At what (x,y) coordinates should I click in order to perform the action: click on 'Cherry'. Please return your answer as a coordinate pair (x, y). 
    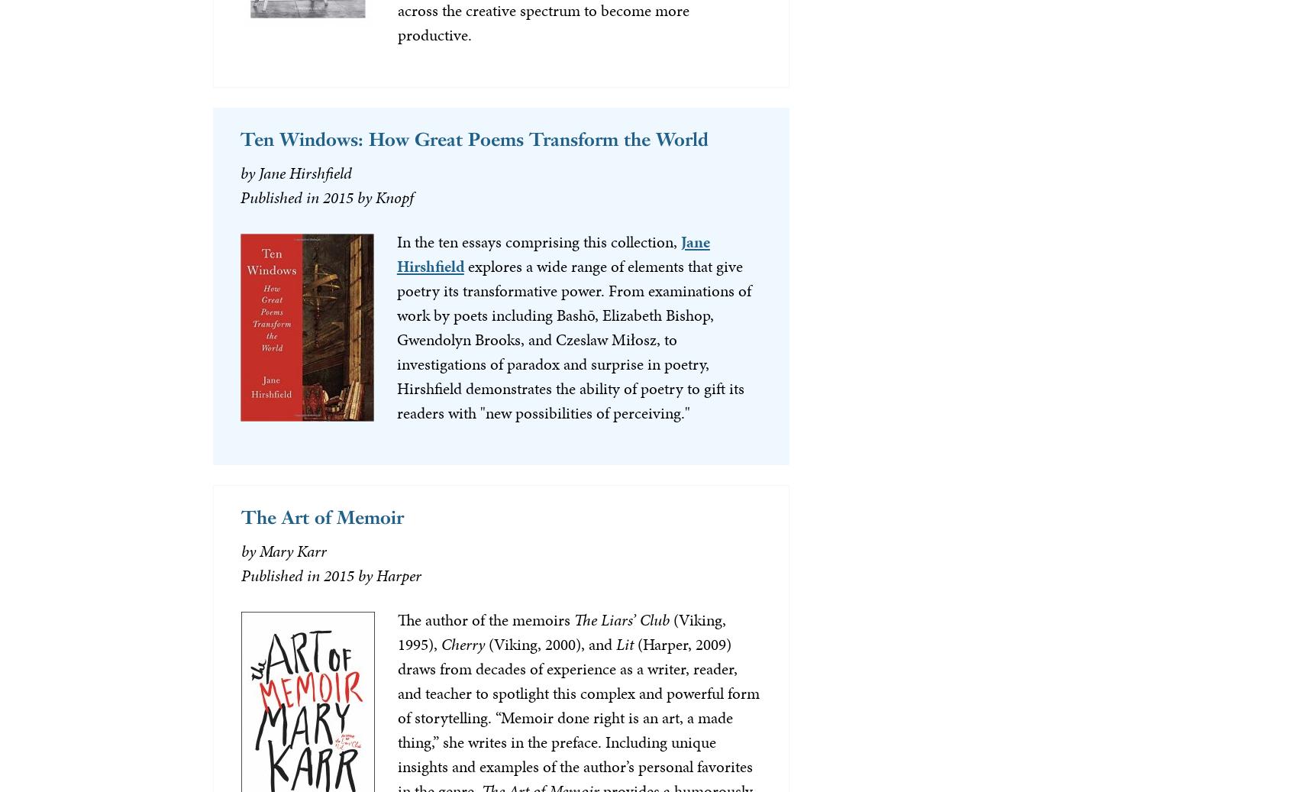
    Looking at the image, I should click on (459, 643).